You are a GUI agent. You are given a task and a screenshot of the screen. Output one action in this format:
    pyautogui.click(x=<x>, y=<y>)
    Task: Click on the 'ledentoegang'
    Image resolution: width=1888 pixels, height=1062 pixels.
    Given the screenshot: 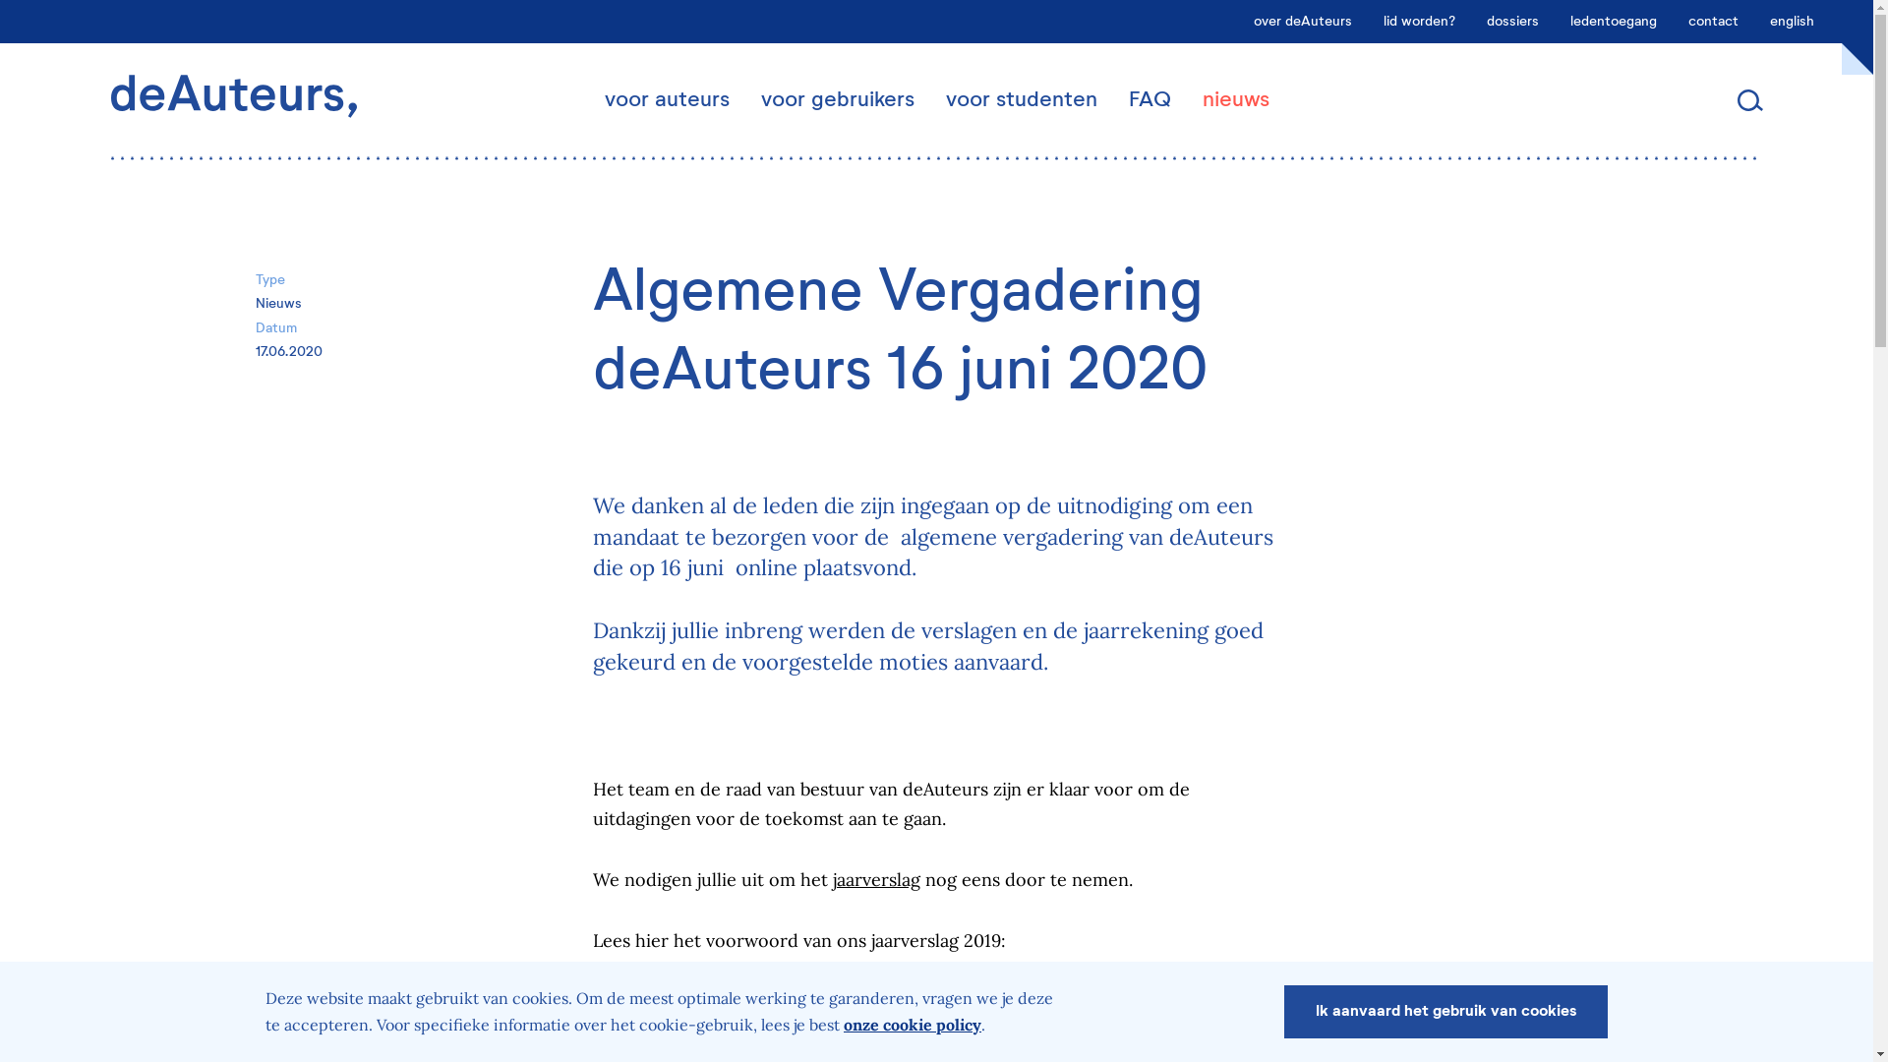 What is the action you would take?
    pyautogui.click(x=1614, y=22)
    